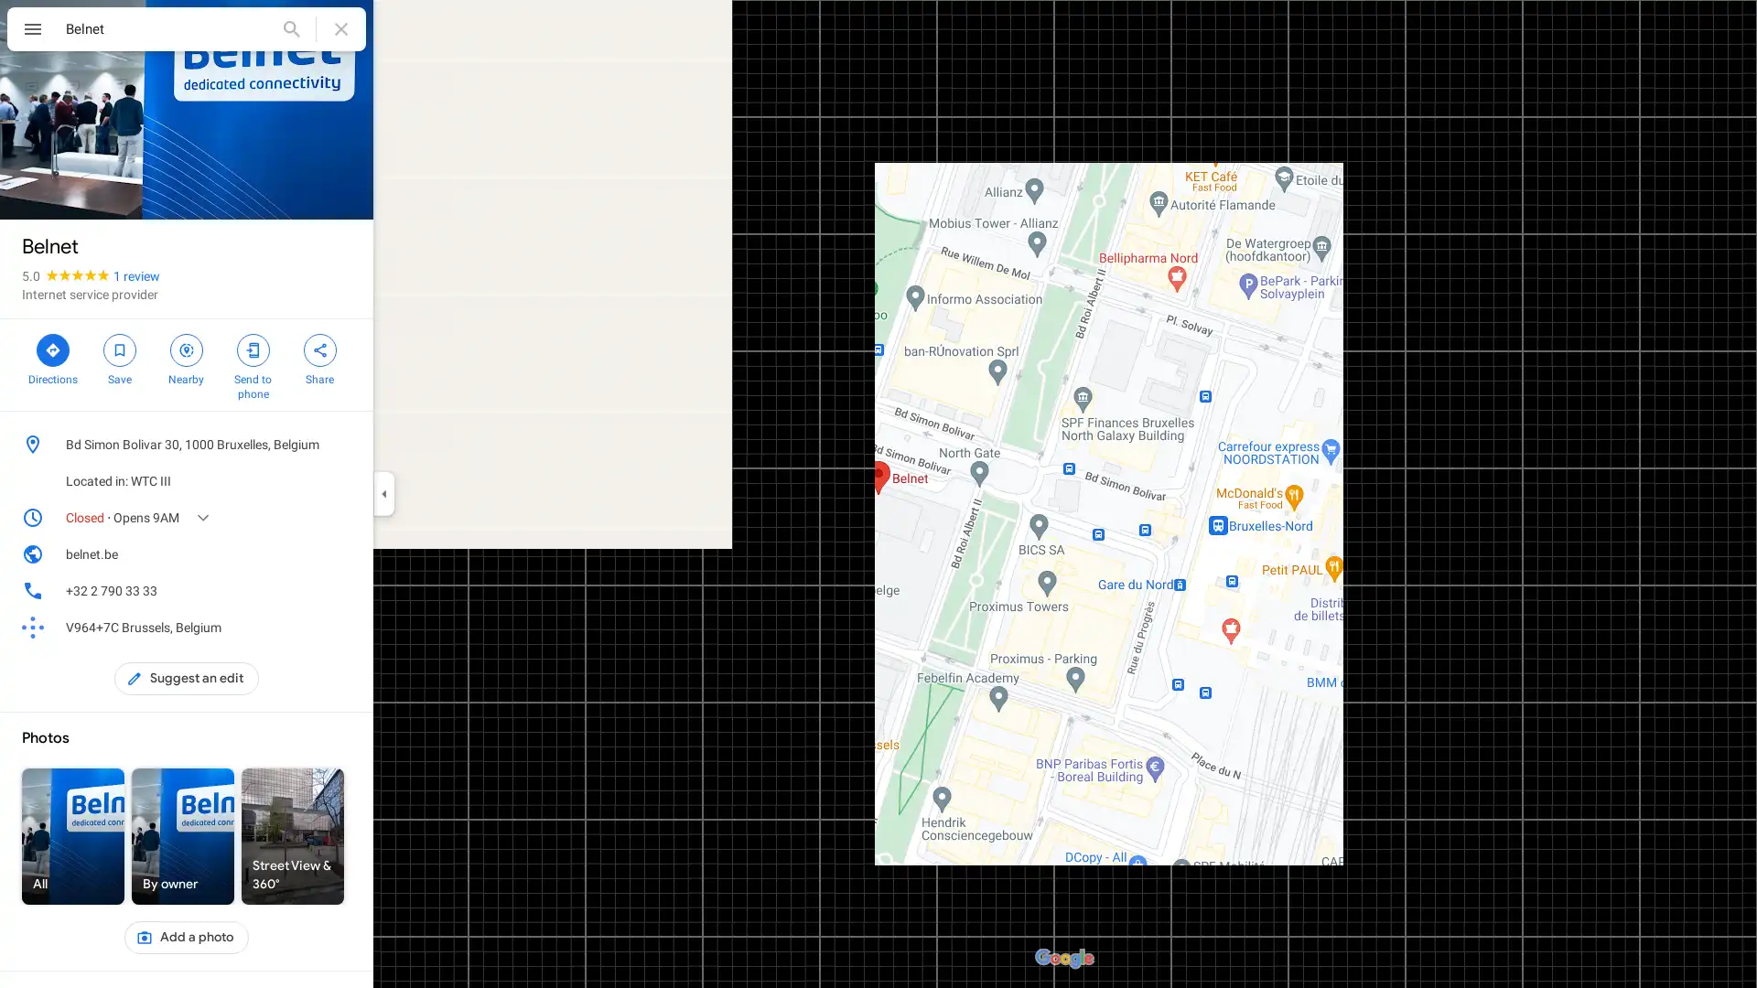 This screenshot has height=988, width=1757. Describe the element at coordinates (135, 275) in the screenshot. I see `1 review` at that location.